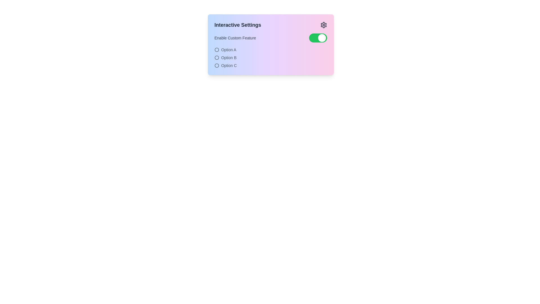  Describe the element at coordinates (216, 50) in the screenshot. I see `the radio button selection indicator for 'Option A', which is the first circular component next to the label 'Option A'` at that location.